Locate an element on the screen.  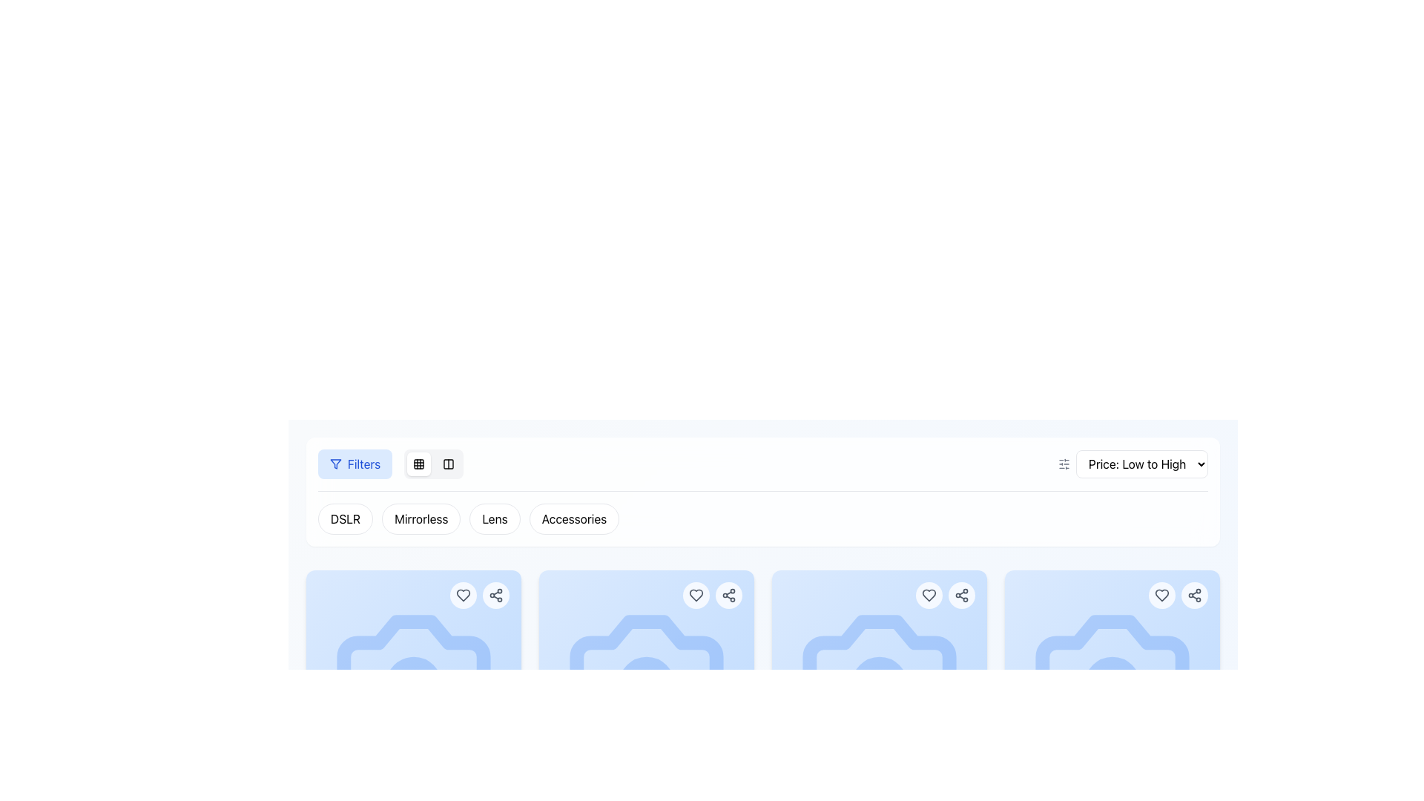
the 'Lens' button for keyboard navigation is located at coordinates (495, 518).